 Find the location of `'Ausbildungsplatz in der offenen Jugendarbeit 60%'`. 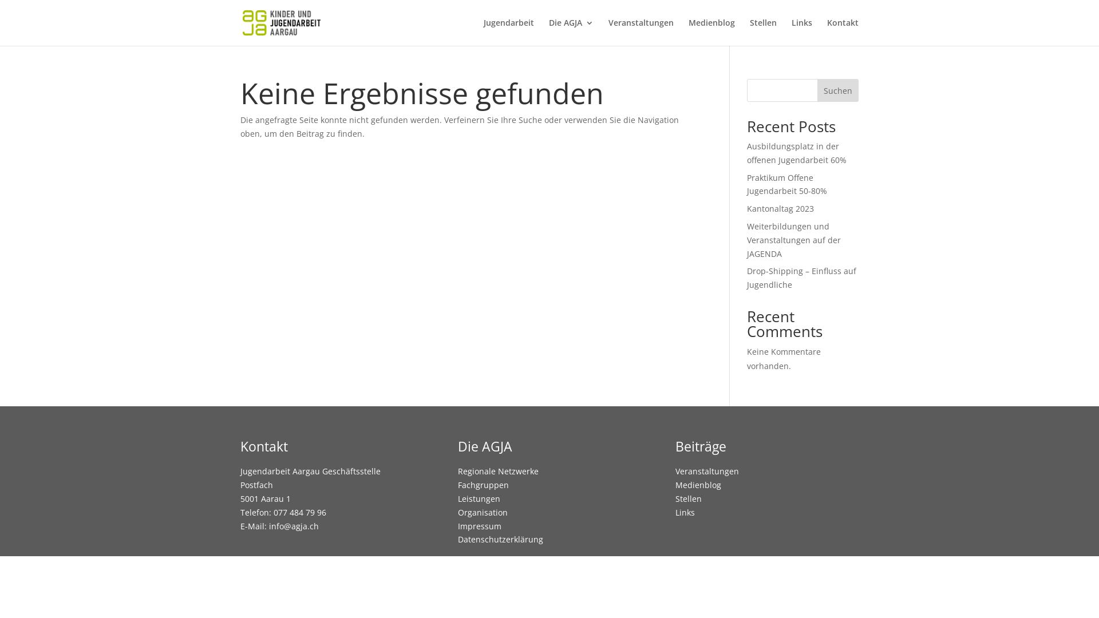

'Ausbildungsplatz in der offenen Jugendarbeit 60%' is located at coordinates (796, 152).